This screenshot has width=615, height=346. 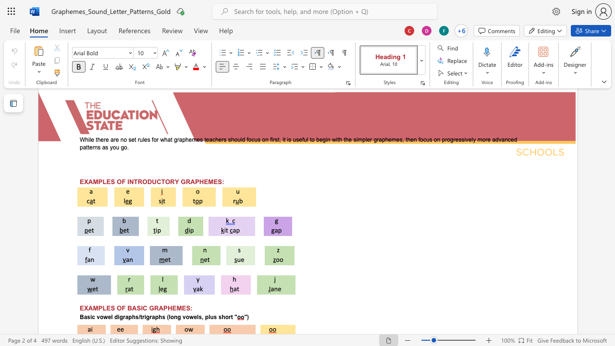 What do you see at coordinates (142, 317) in the screenshot?
I see `the space between the continuous character "t" and "r" in the text` at bounding box center [142, 317].